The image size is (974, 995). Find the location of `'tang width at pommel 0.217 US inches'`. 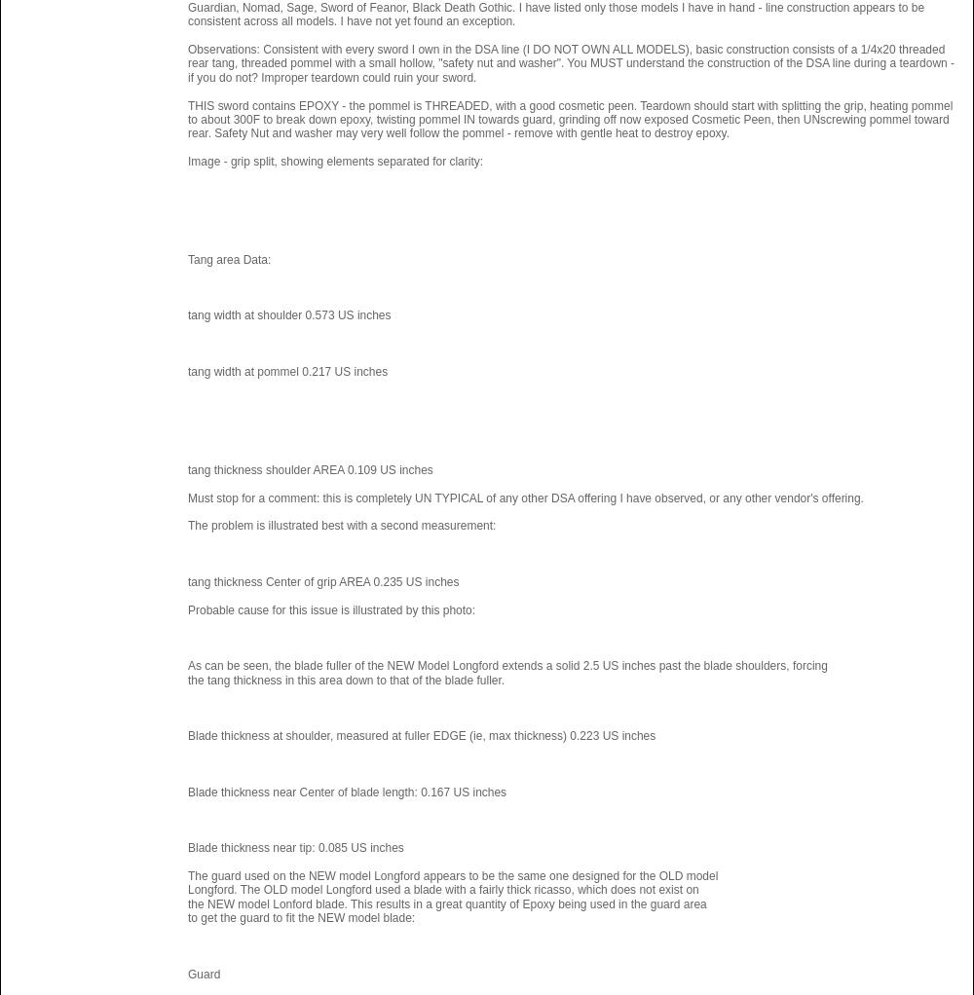

'tang width at pommel 0.217 US inches' is located at coordinates (287, 371).